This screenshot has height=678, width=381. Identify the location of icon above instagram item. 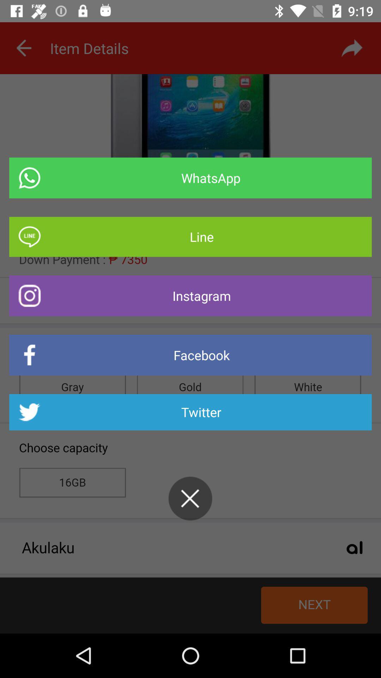
(190, 237).